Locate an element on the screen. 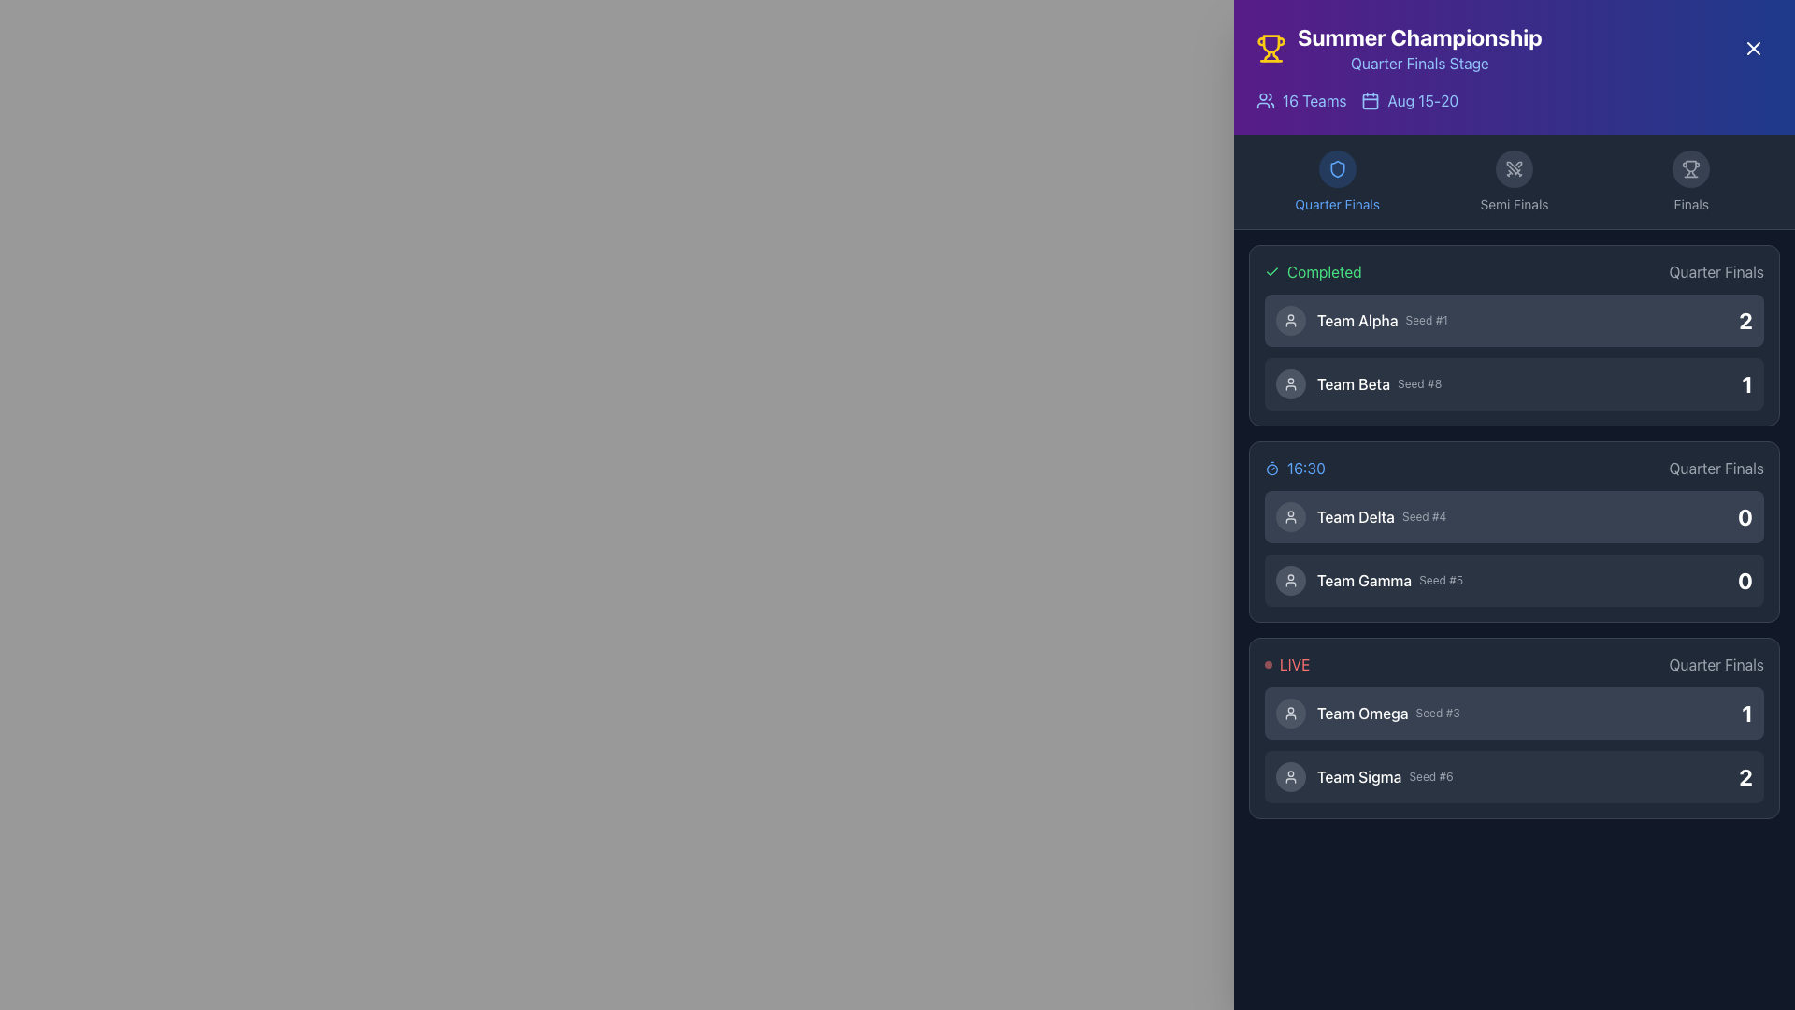 The image size is (1795, 1010). the circular avatar icon with a dark gray background and light gray user profile outline, located next to the text 'Team Sigma Seed #6' in the 'LIVE' section is located at coordinates (1290, 776).